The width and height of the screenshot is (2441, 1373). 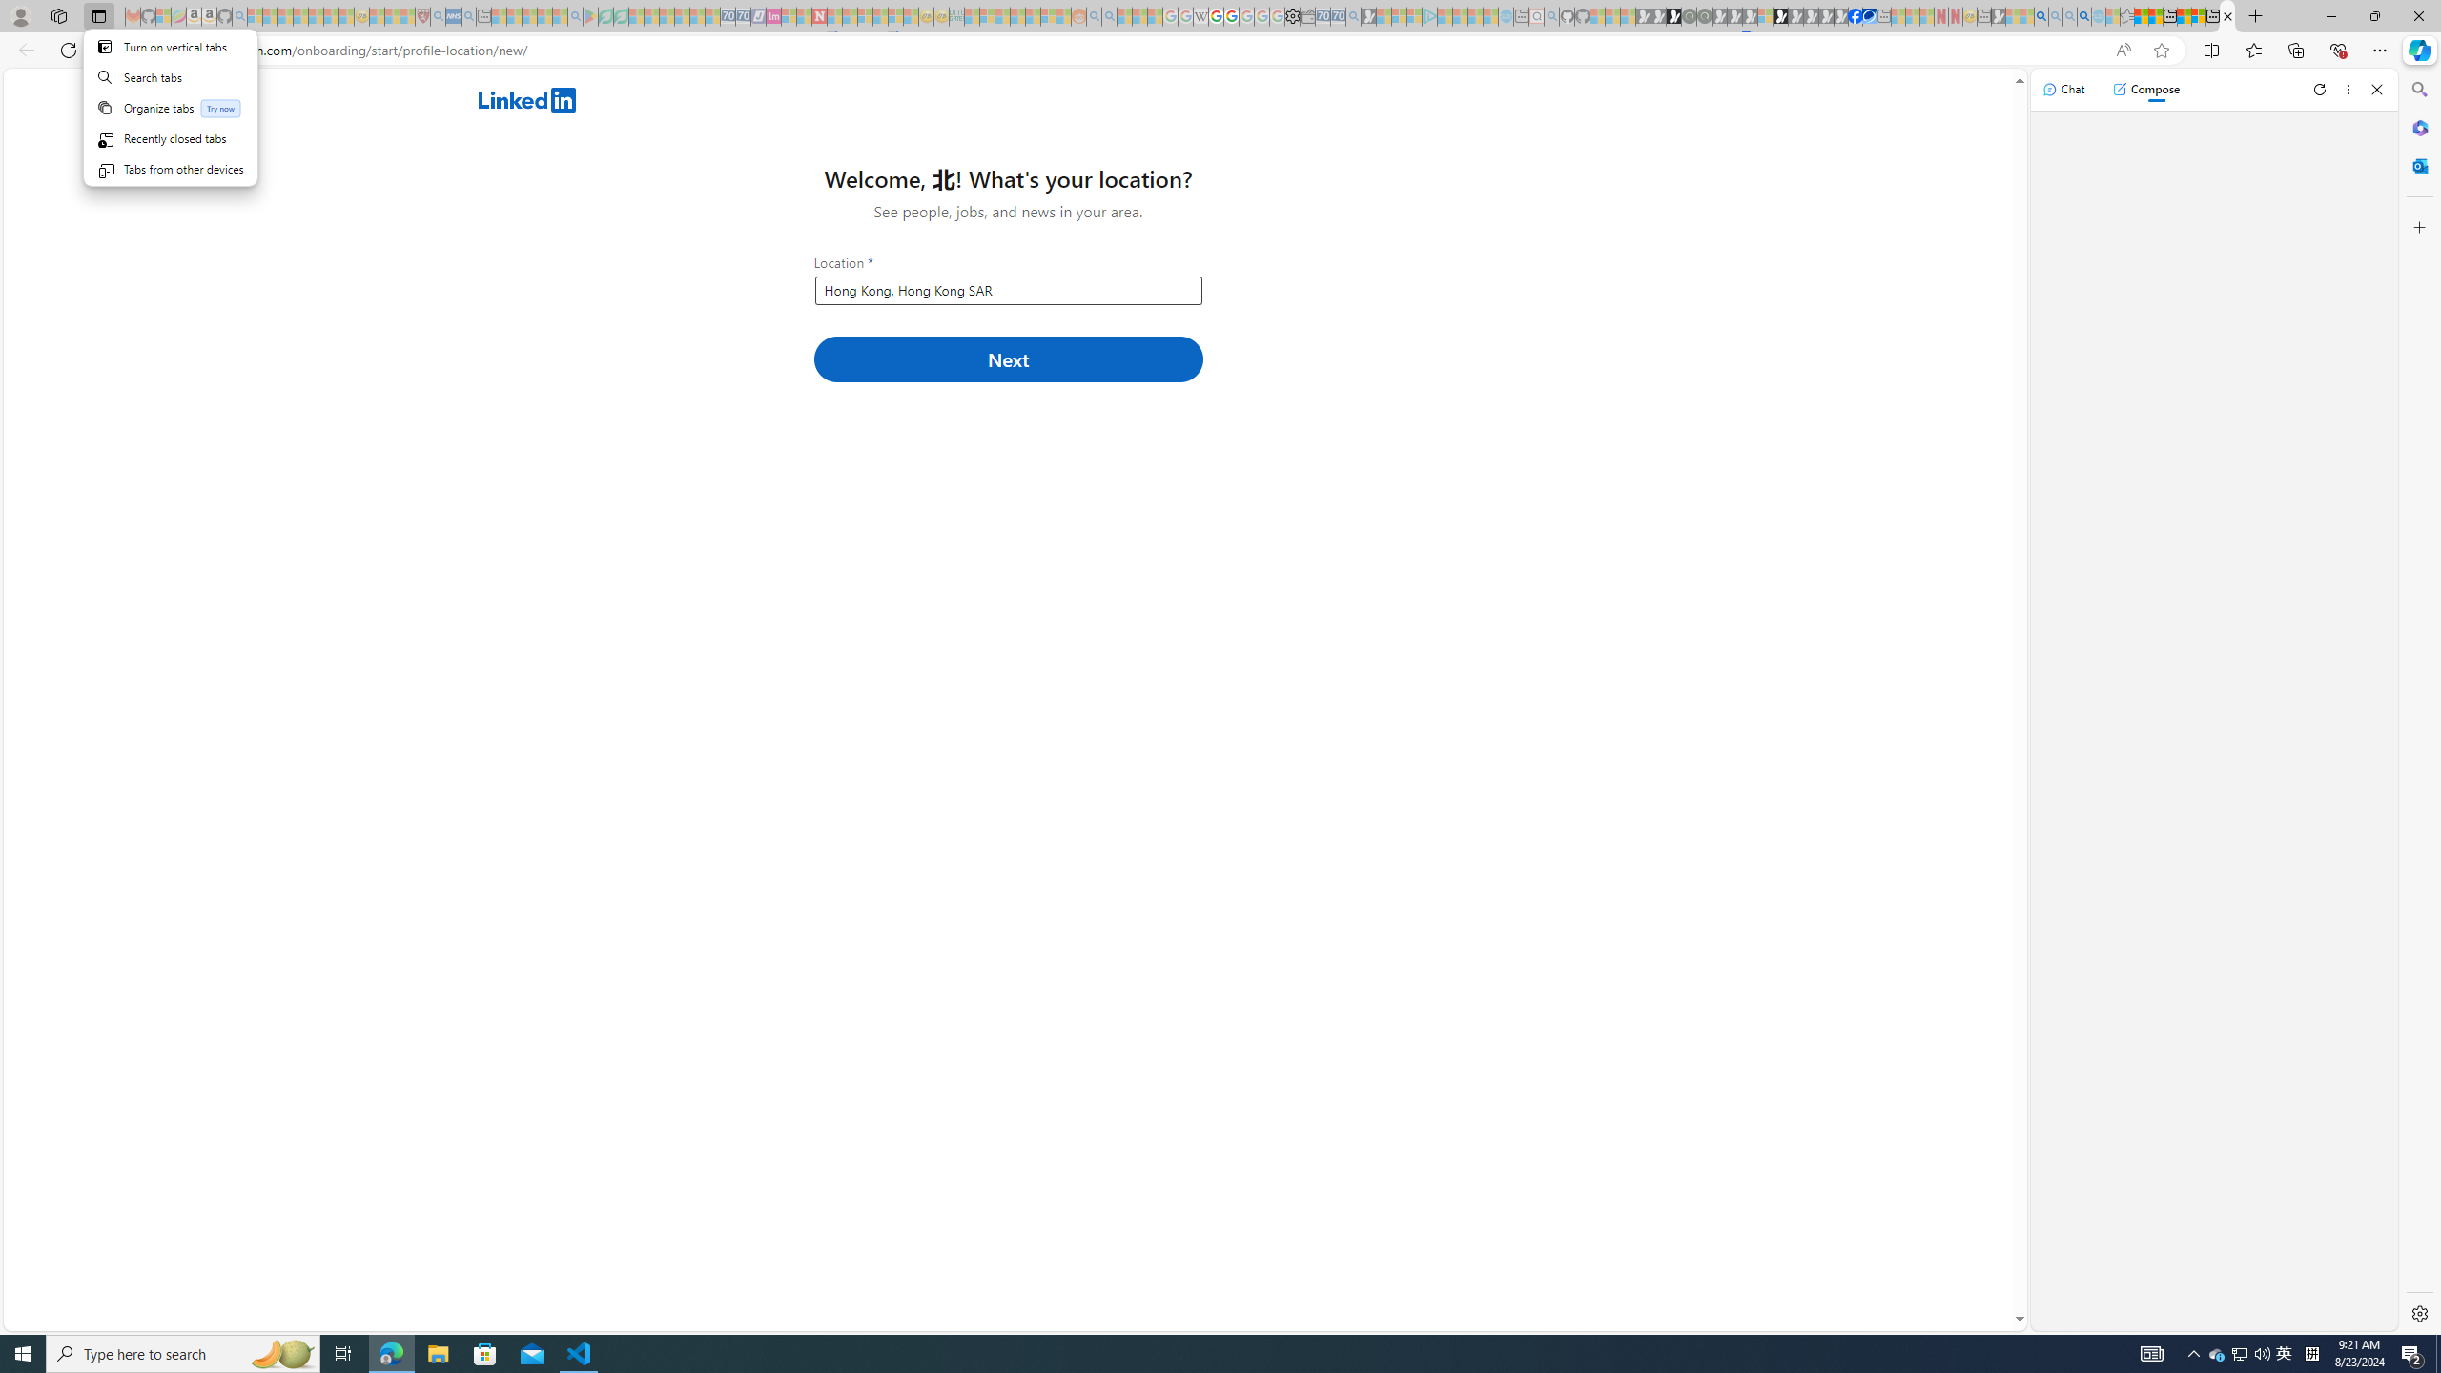 I want to click on 'Recently closed tabs', so click(x=168, y=138).